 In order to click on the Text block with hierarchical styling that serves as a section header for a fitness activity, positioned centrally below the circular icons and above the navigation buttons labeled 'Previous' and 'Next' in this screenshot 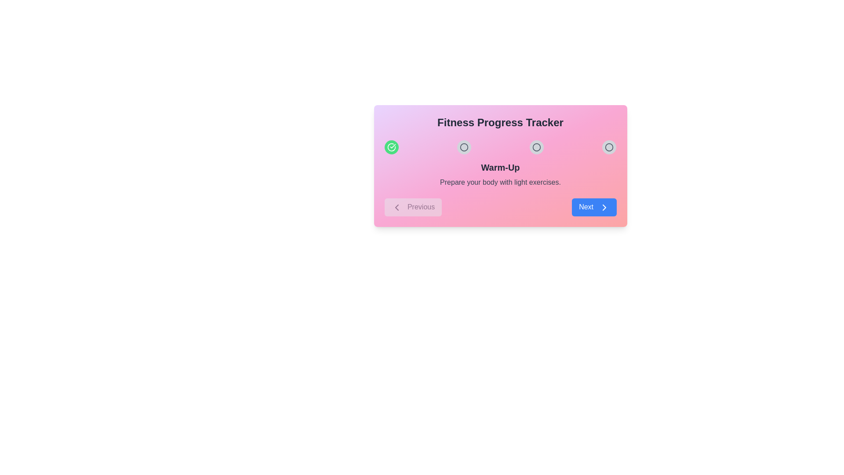, I will do `click(500, 175)`.